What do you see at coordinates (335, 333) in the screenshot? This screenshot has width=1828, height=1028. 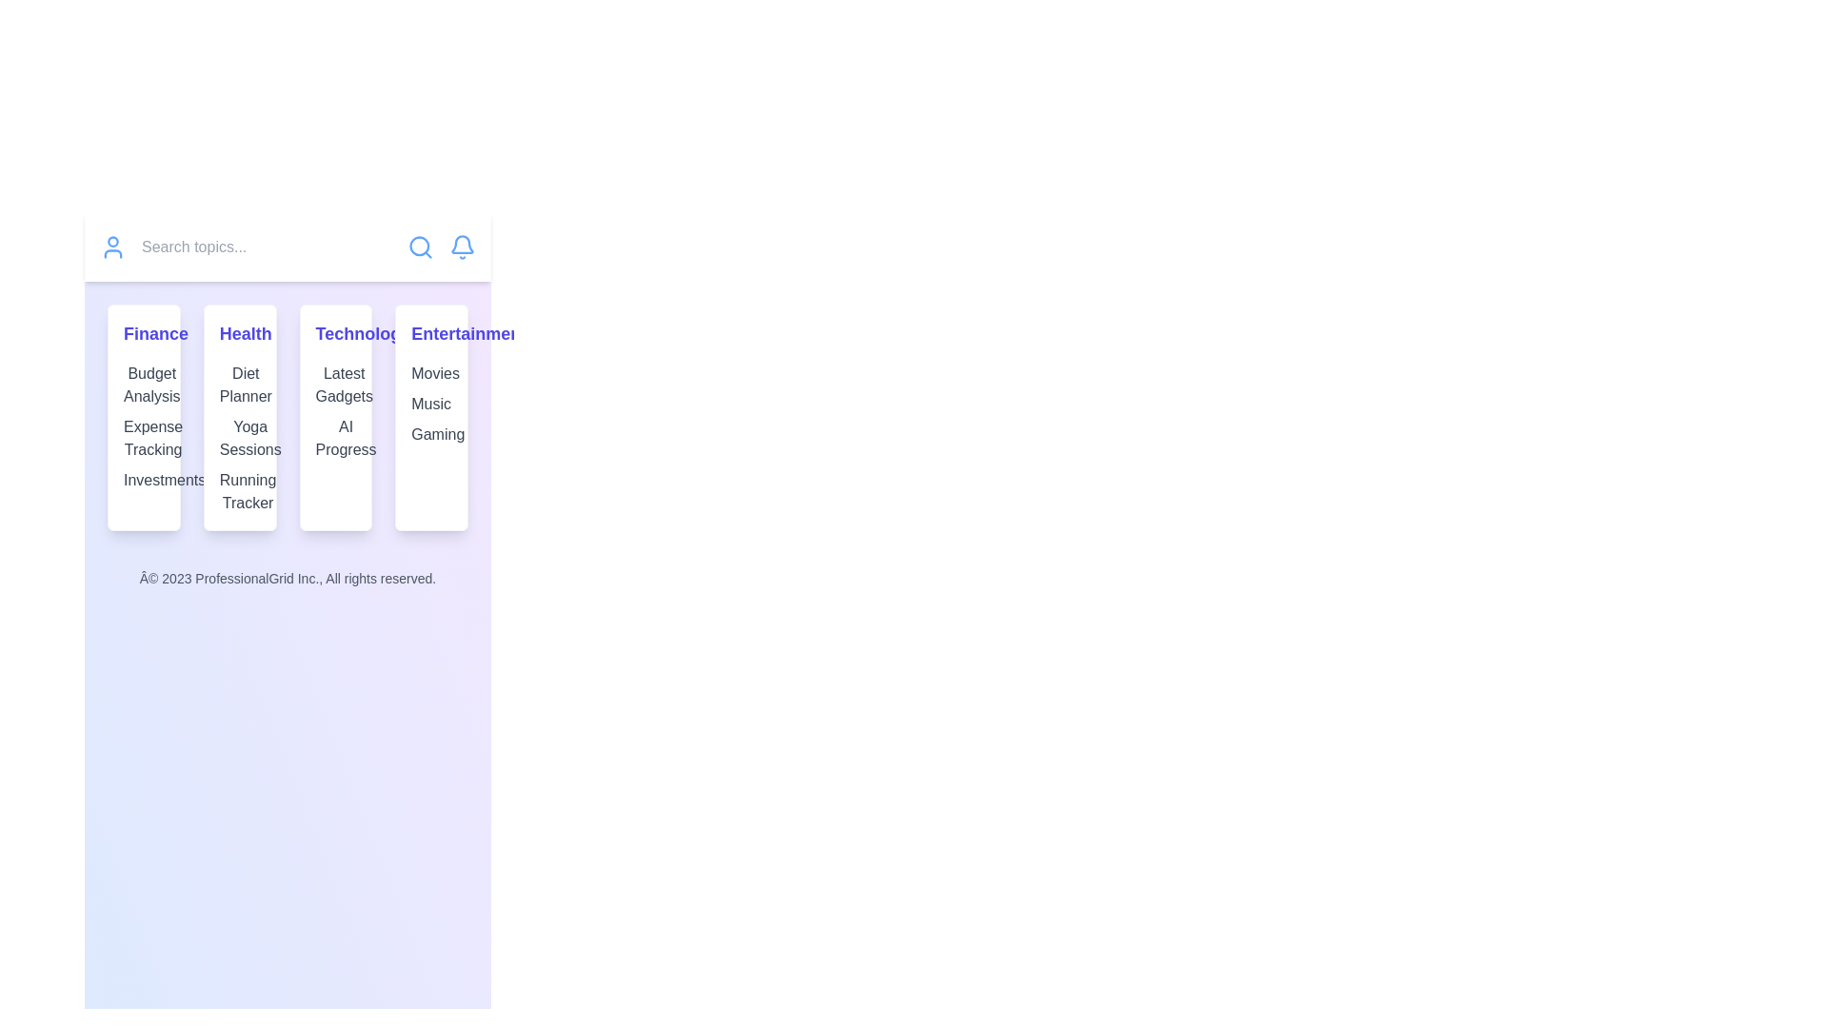 I see `the 'Technology' text element, which is styled in bold indigo color and located within the third card of a series labeled 'Finance,' 'Health,' 'Technology,' and 'Entertainment.'` at bounding box center [335, 333].